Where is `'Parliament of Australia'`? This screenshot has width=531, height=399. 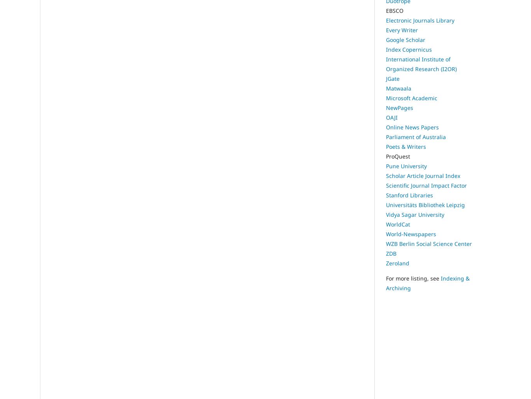 'Parliament of Australia' is located at coordinates (415, 137).